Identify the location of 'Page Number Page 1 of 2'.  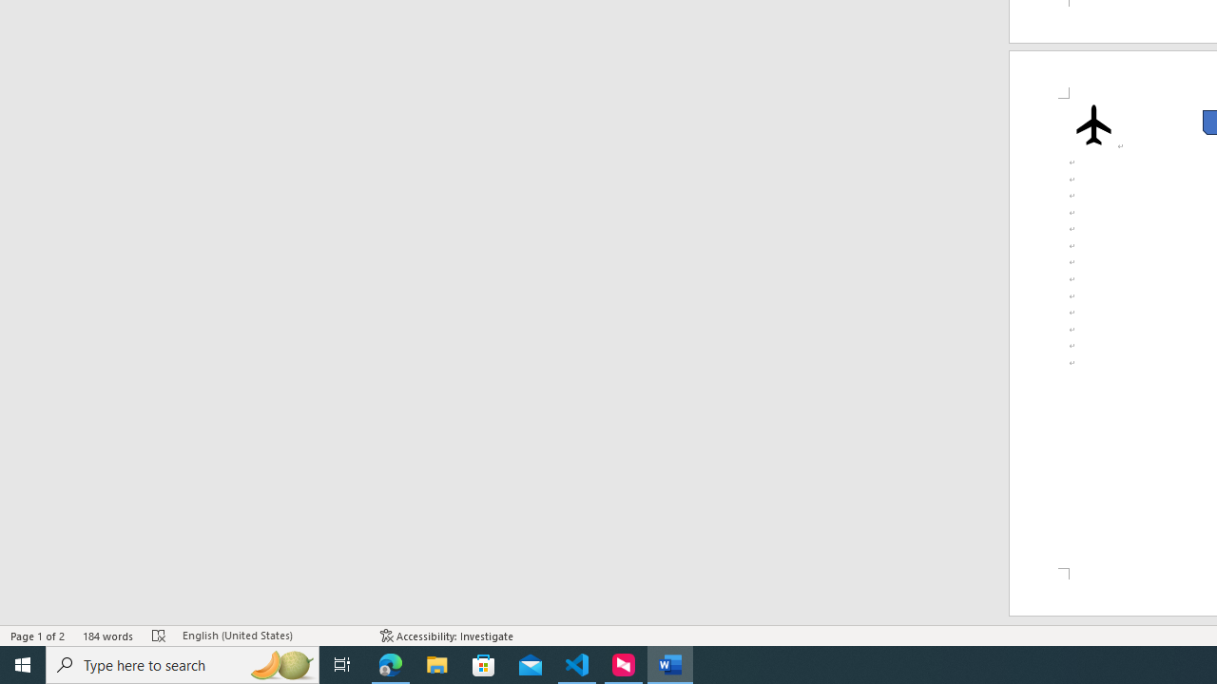
(38, 636).